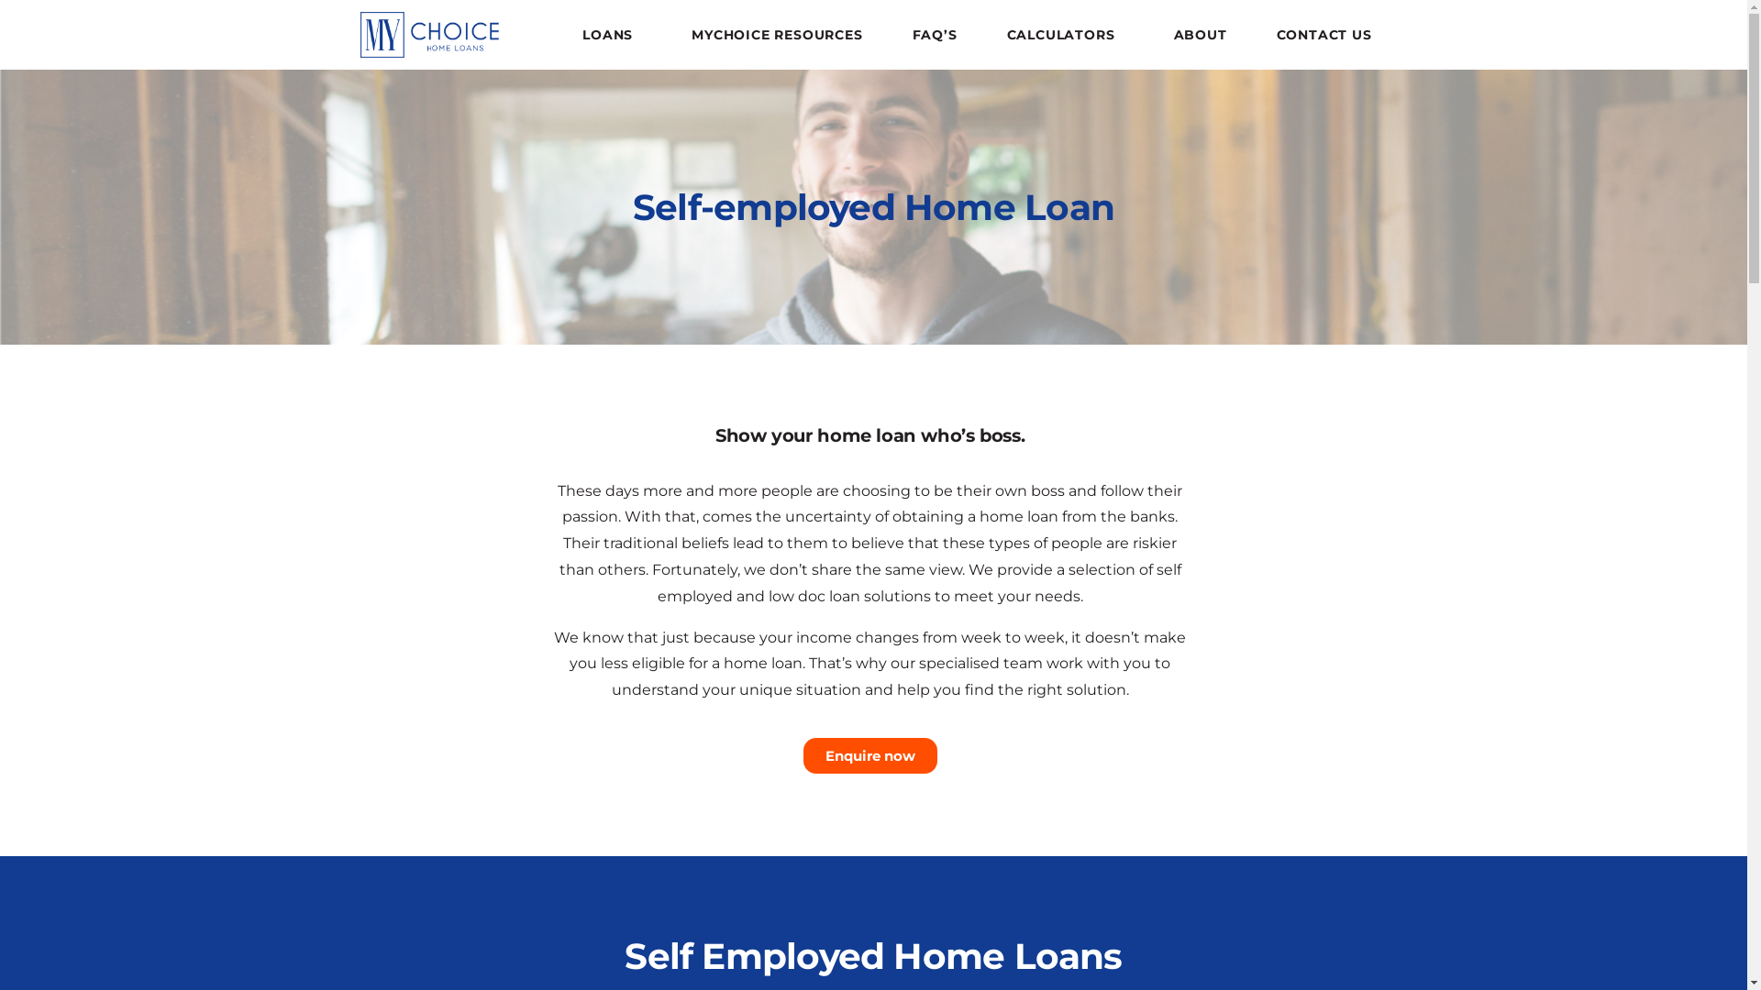  What do you see at coordinates (1249, 35) in the screenshot?
I see `'CONTACT US'` at bounding box center [1249, 35].